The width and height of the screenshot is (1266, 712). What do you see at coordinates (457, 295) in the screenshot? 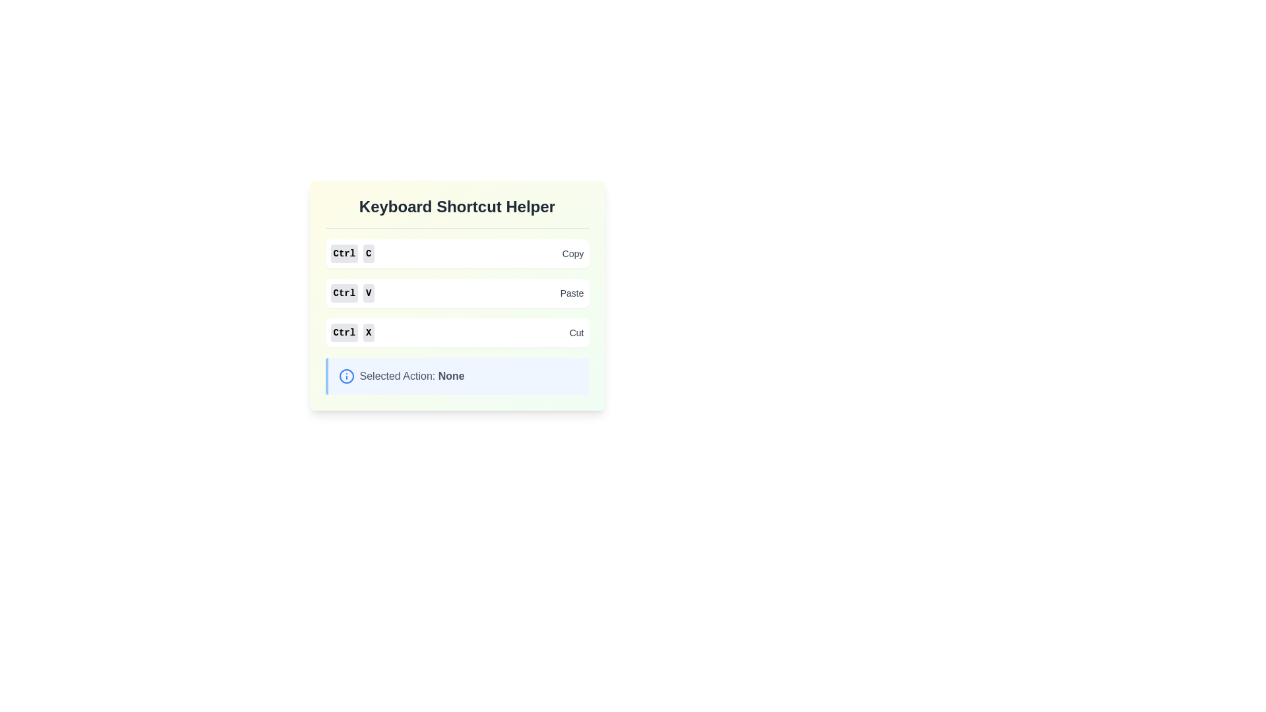
I see `the Informational Panel titled 'Keyboard Shortcut Helper', which features a gradient yellow-green background and displays keyboard shortcuts in a grid pattern` at bounding box center [457, 295].